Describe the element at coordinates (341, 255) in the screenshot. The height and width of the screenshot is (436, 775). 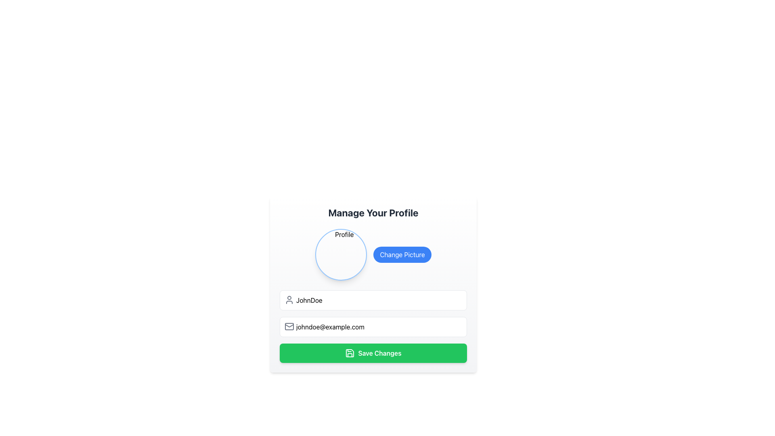
I see `and drop an image onto the circular profile picture placeholder with a light blue border located` at that location.